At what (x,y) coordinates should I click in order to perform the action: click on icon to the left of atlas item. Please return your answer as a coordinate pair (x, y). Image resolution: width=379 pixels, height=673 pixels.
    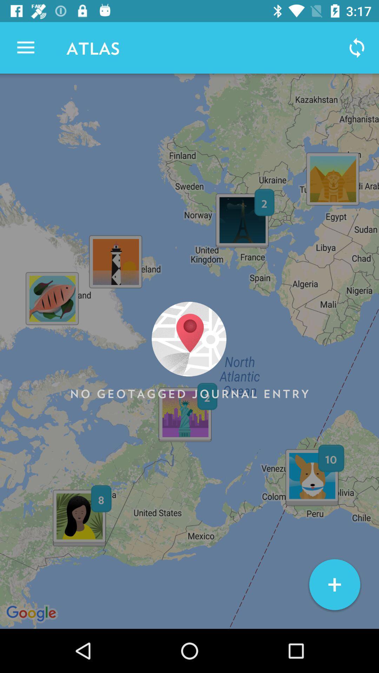
    Looking at the image, I should click on (25, 47).